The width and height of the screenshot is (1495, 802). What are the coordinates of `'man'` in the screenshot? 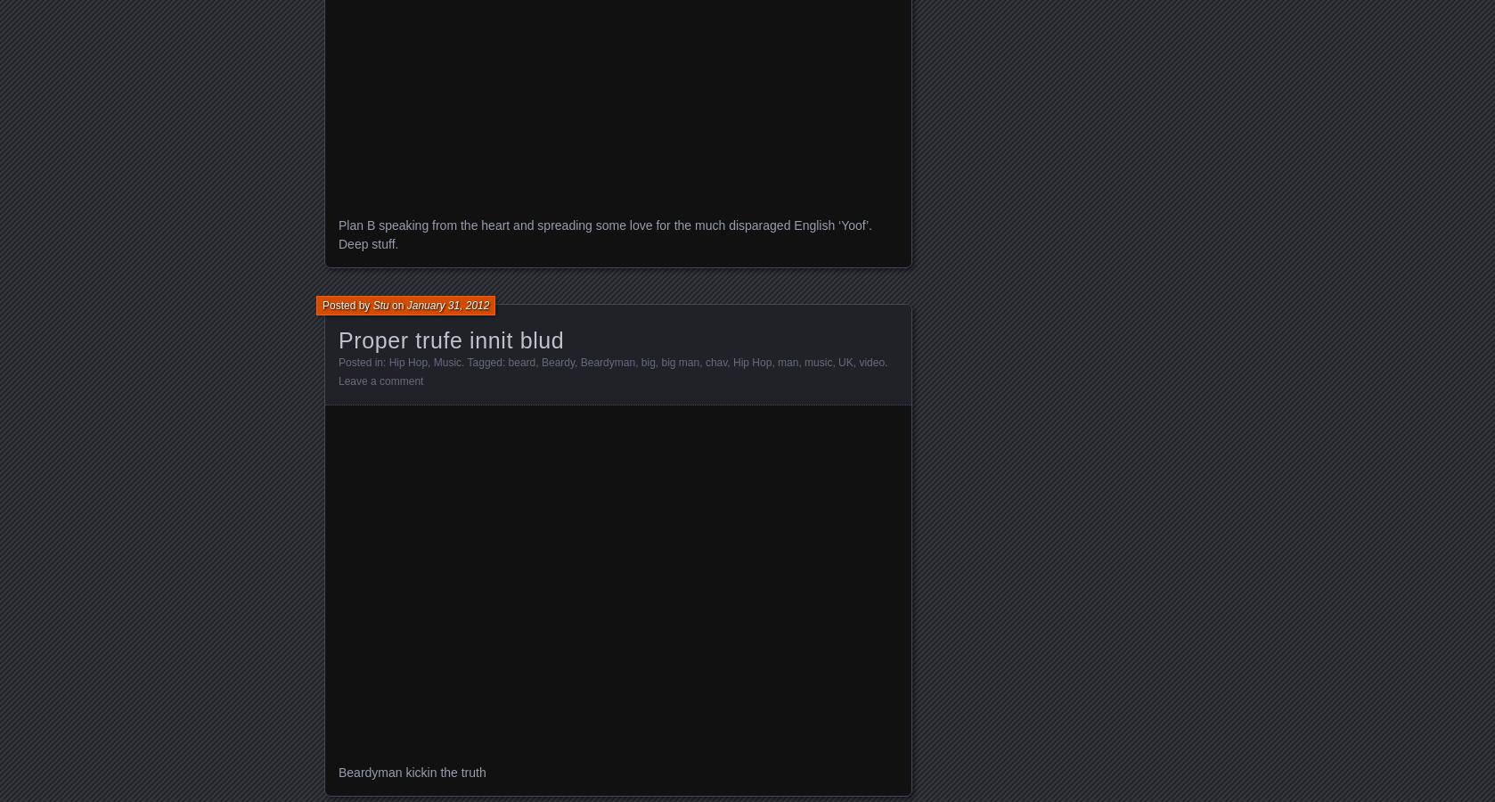 It's located at (788, 362).